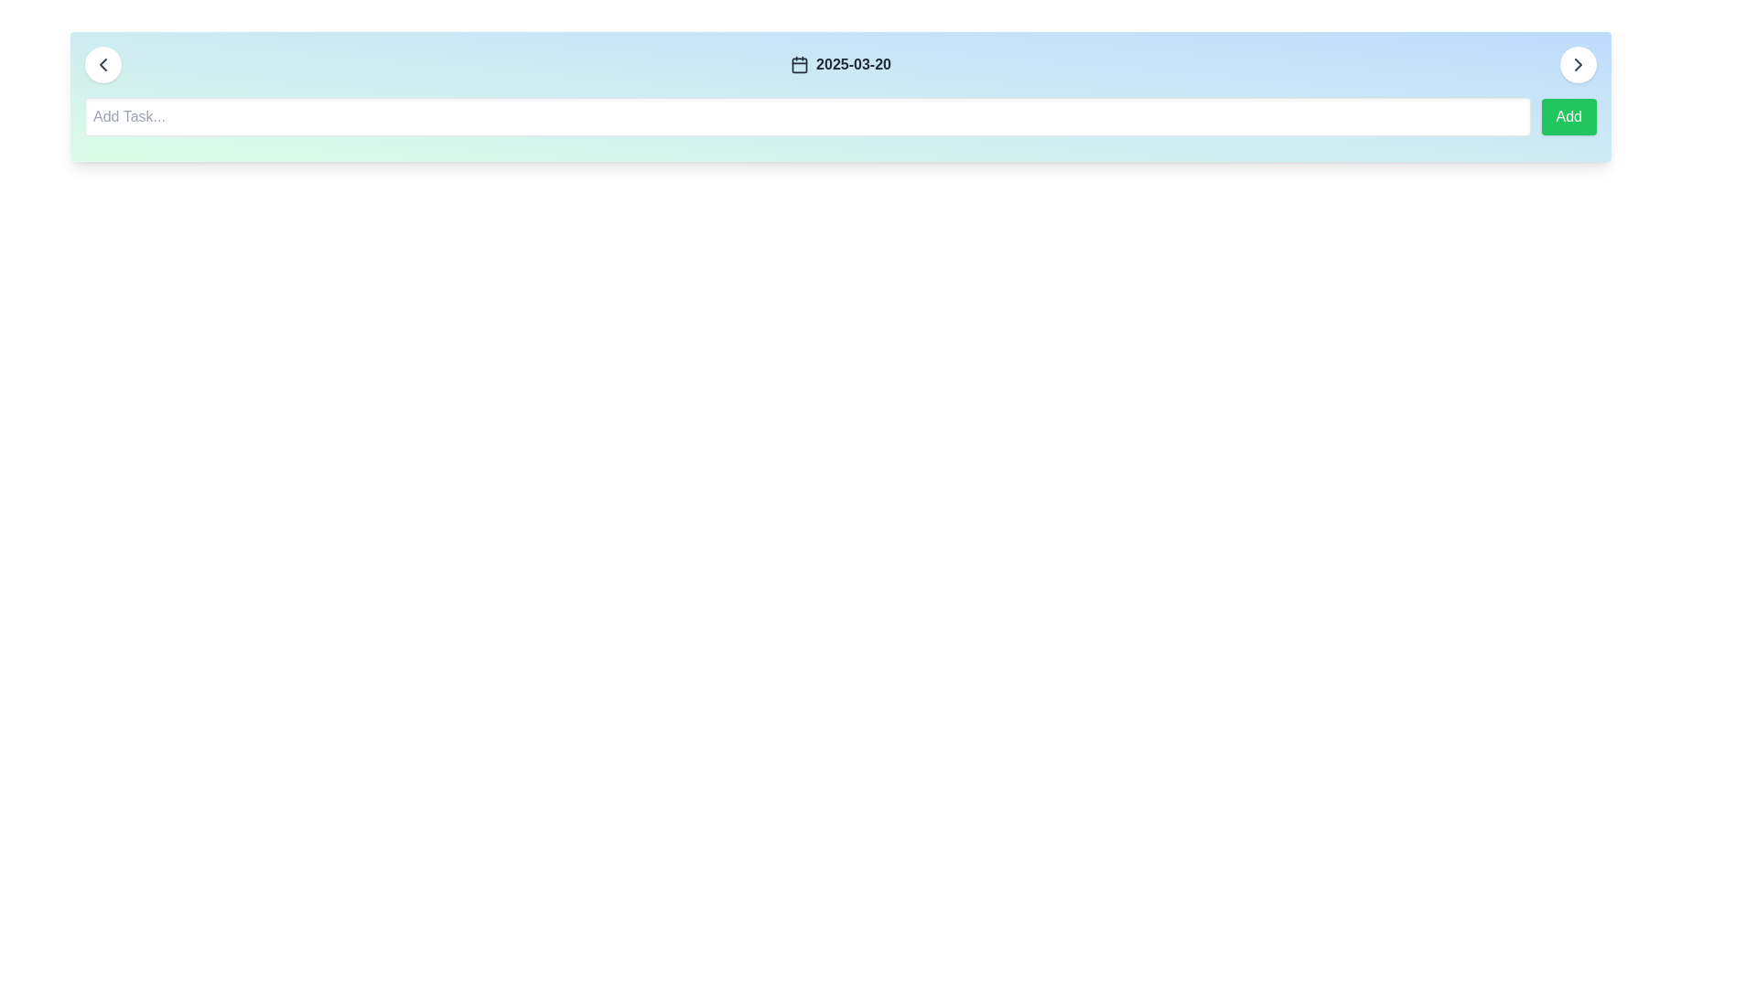 The image size is (1757, 988). What do you see at coordinates (1577, 63) in the screenshot?
I see `the navigation button located at the far right of the horizontal toolbar to proceed to the next item` at bounding box center [1577, 63].